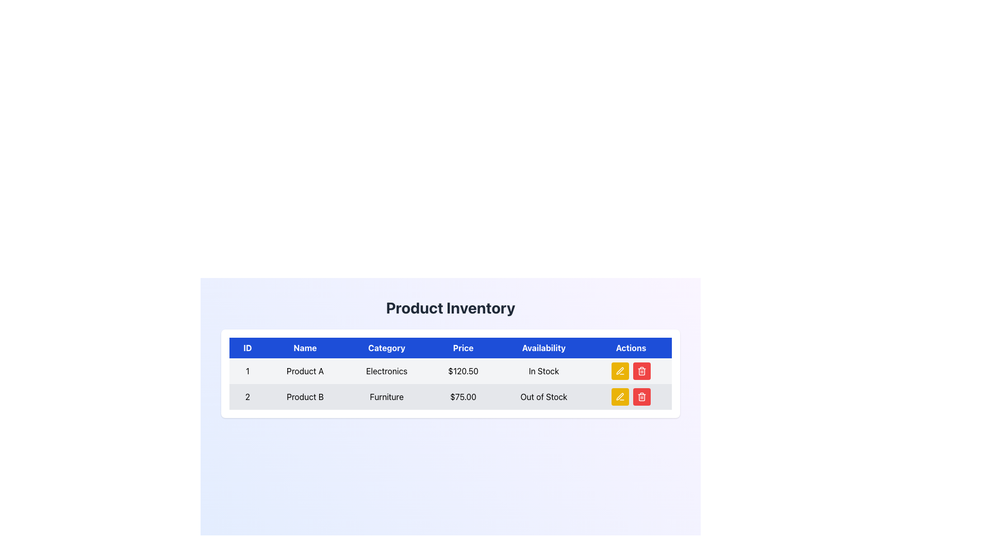 This screenshot has height=556, width=990. I want to click on availability status displayed in the text label located in the fourth column of the first product row in the inventory table, so click(543, 371).